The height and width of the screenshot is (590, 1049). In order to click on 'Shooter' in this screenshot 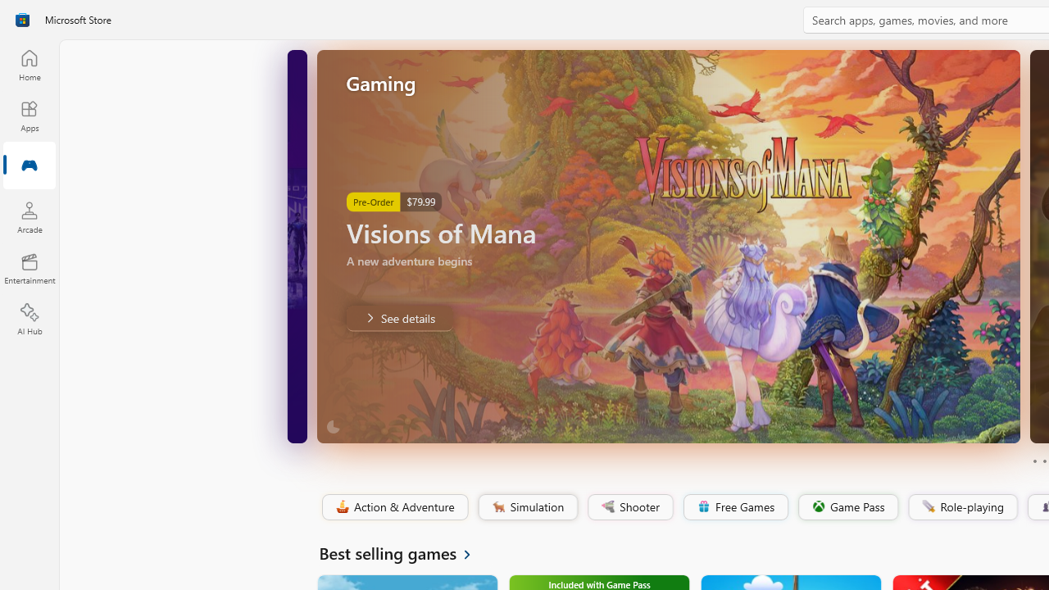, I will do `click(629, 506)`.